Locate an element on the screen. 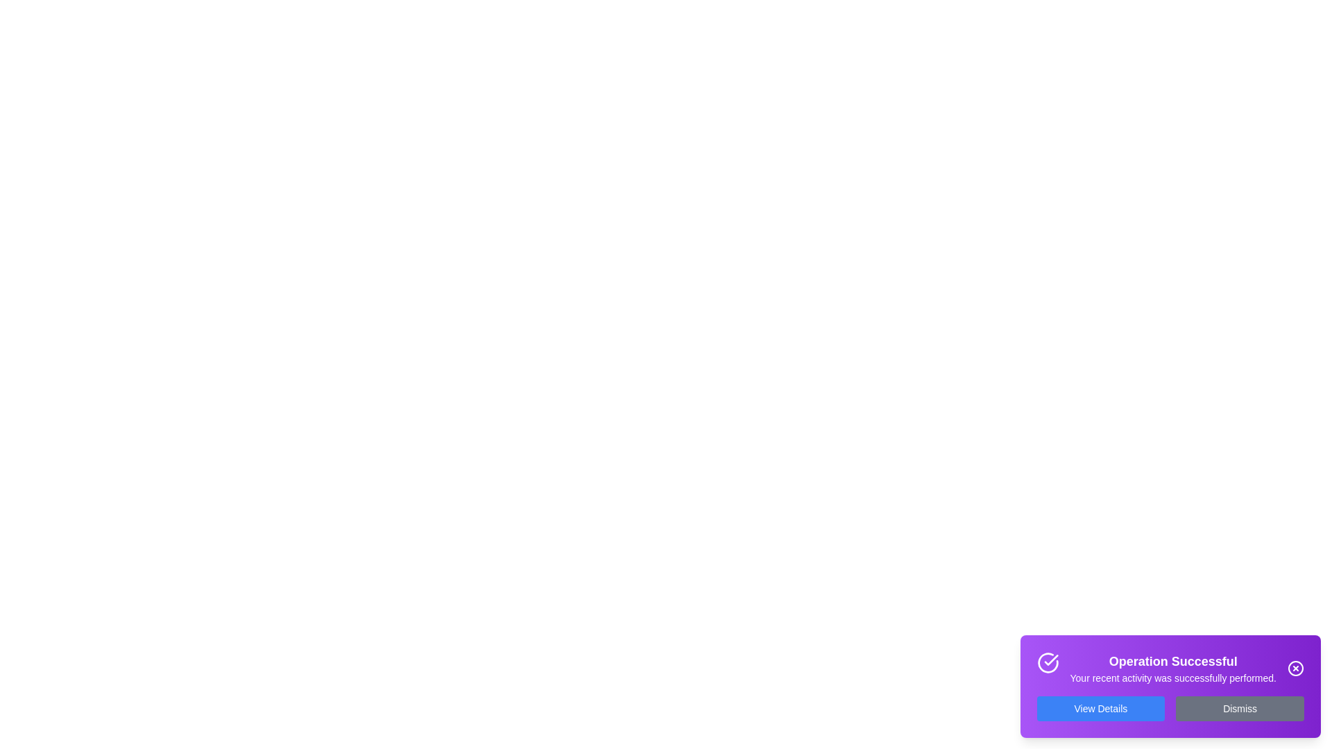 This screenshot has height=749, width=1332. the 'Dismiss' button to observe its hover effects is located at coordinates (1240, 709).